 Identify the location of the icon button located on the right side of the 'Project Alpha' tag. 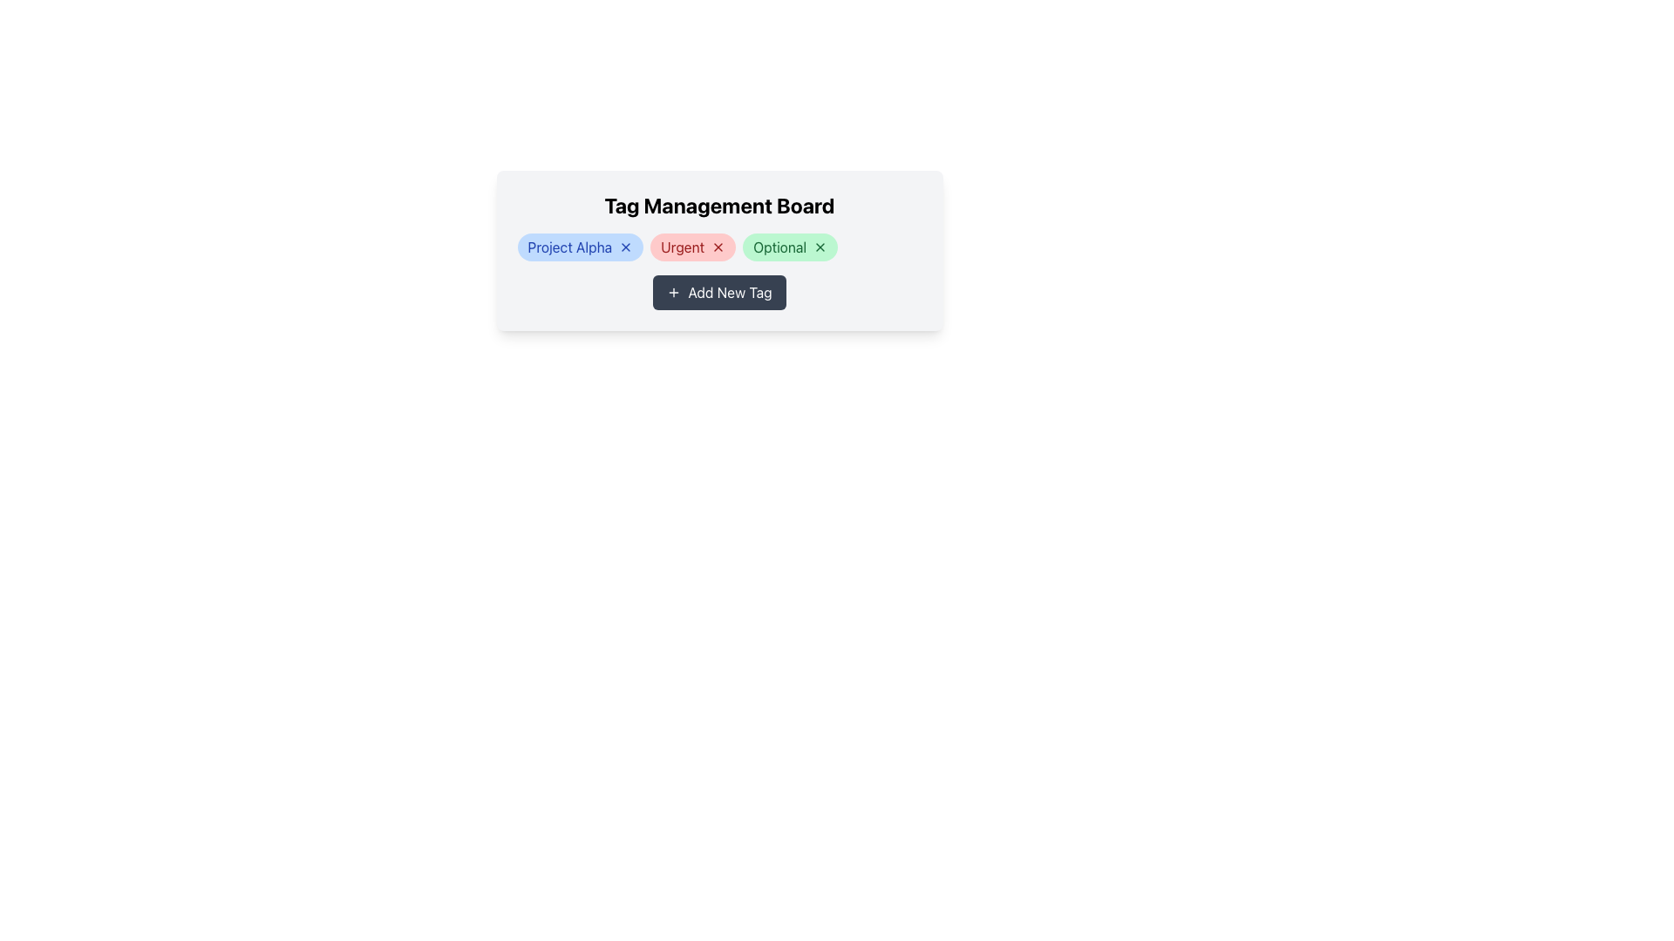
(626, 247).